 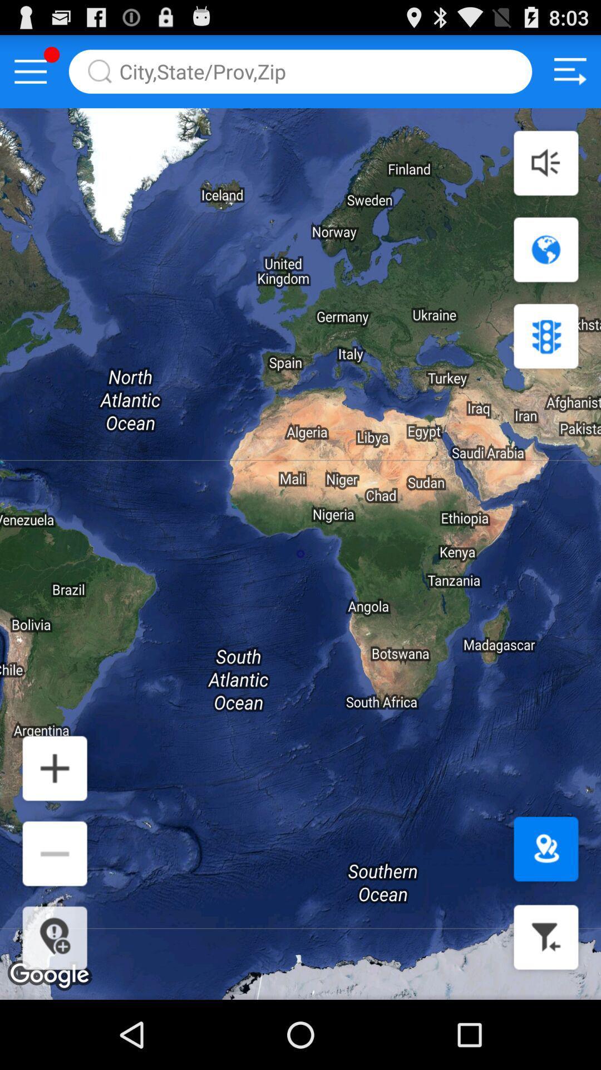 I want to click on expand menu, so click(x=30, y=71).